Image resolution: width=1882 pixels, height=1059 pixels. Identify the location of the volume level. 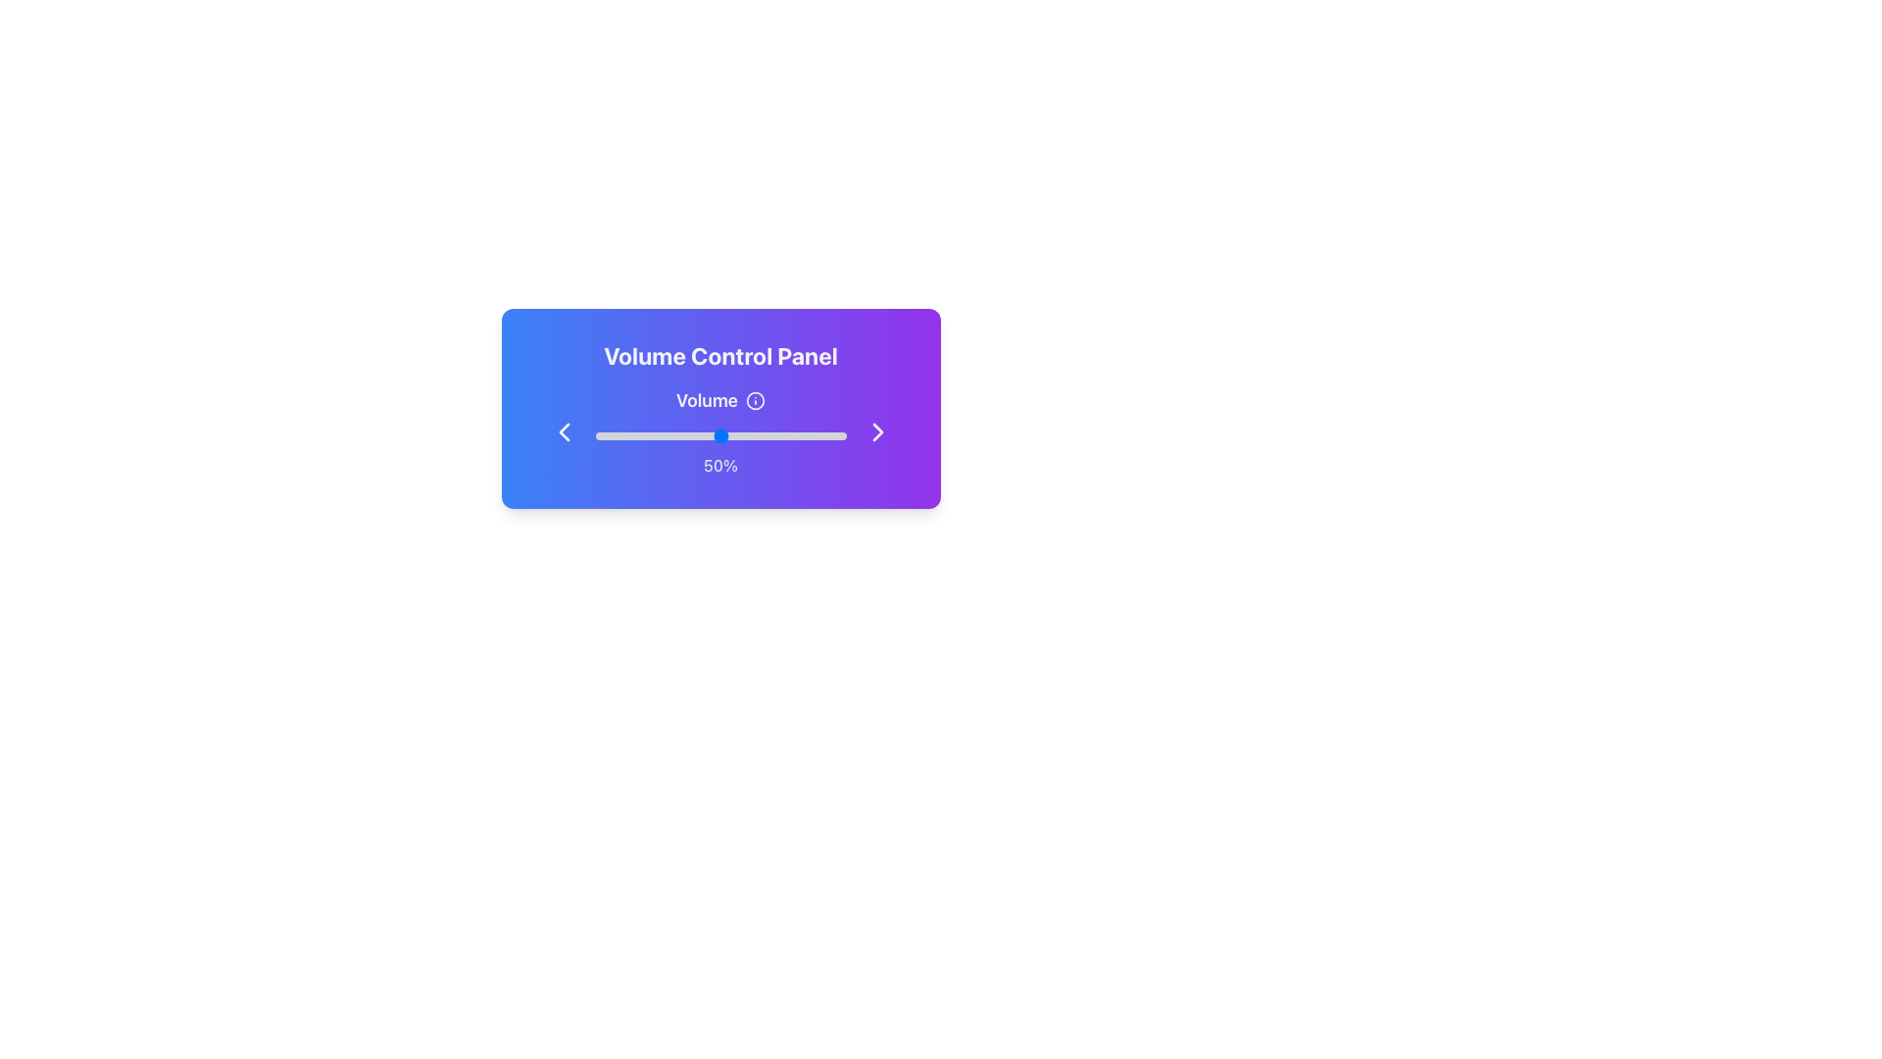
(640, 434).